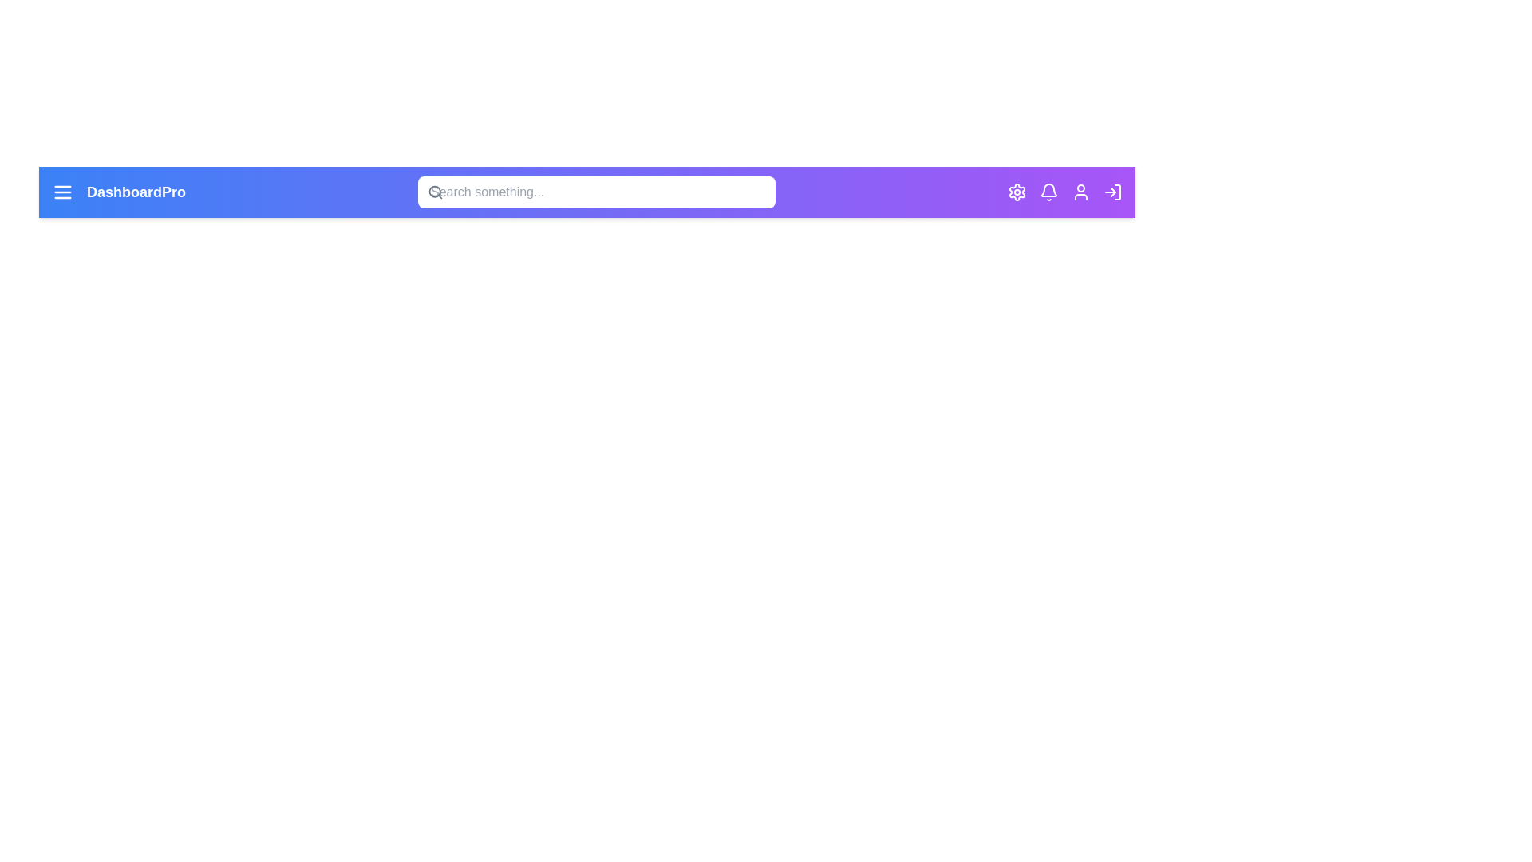 The image size is (1532, 862). What do you see at coordinates (1080, 191) in the screenshot?
I see `the user icon to view the user profile` at bounding box center [1080, 191].